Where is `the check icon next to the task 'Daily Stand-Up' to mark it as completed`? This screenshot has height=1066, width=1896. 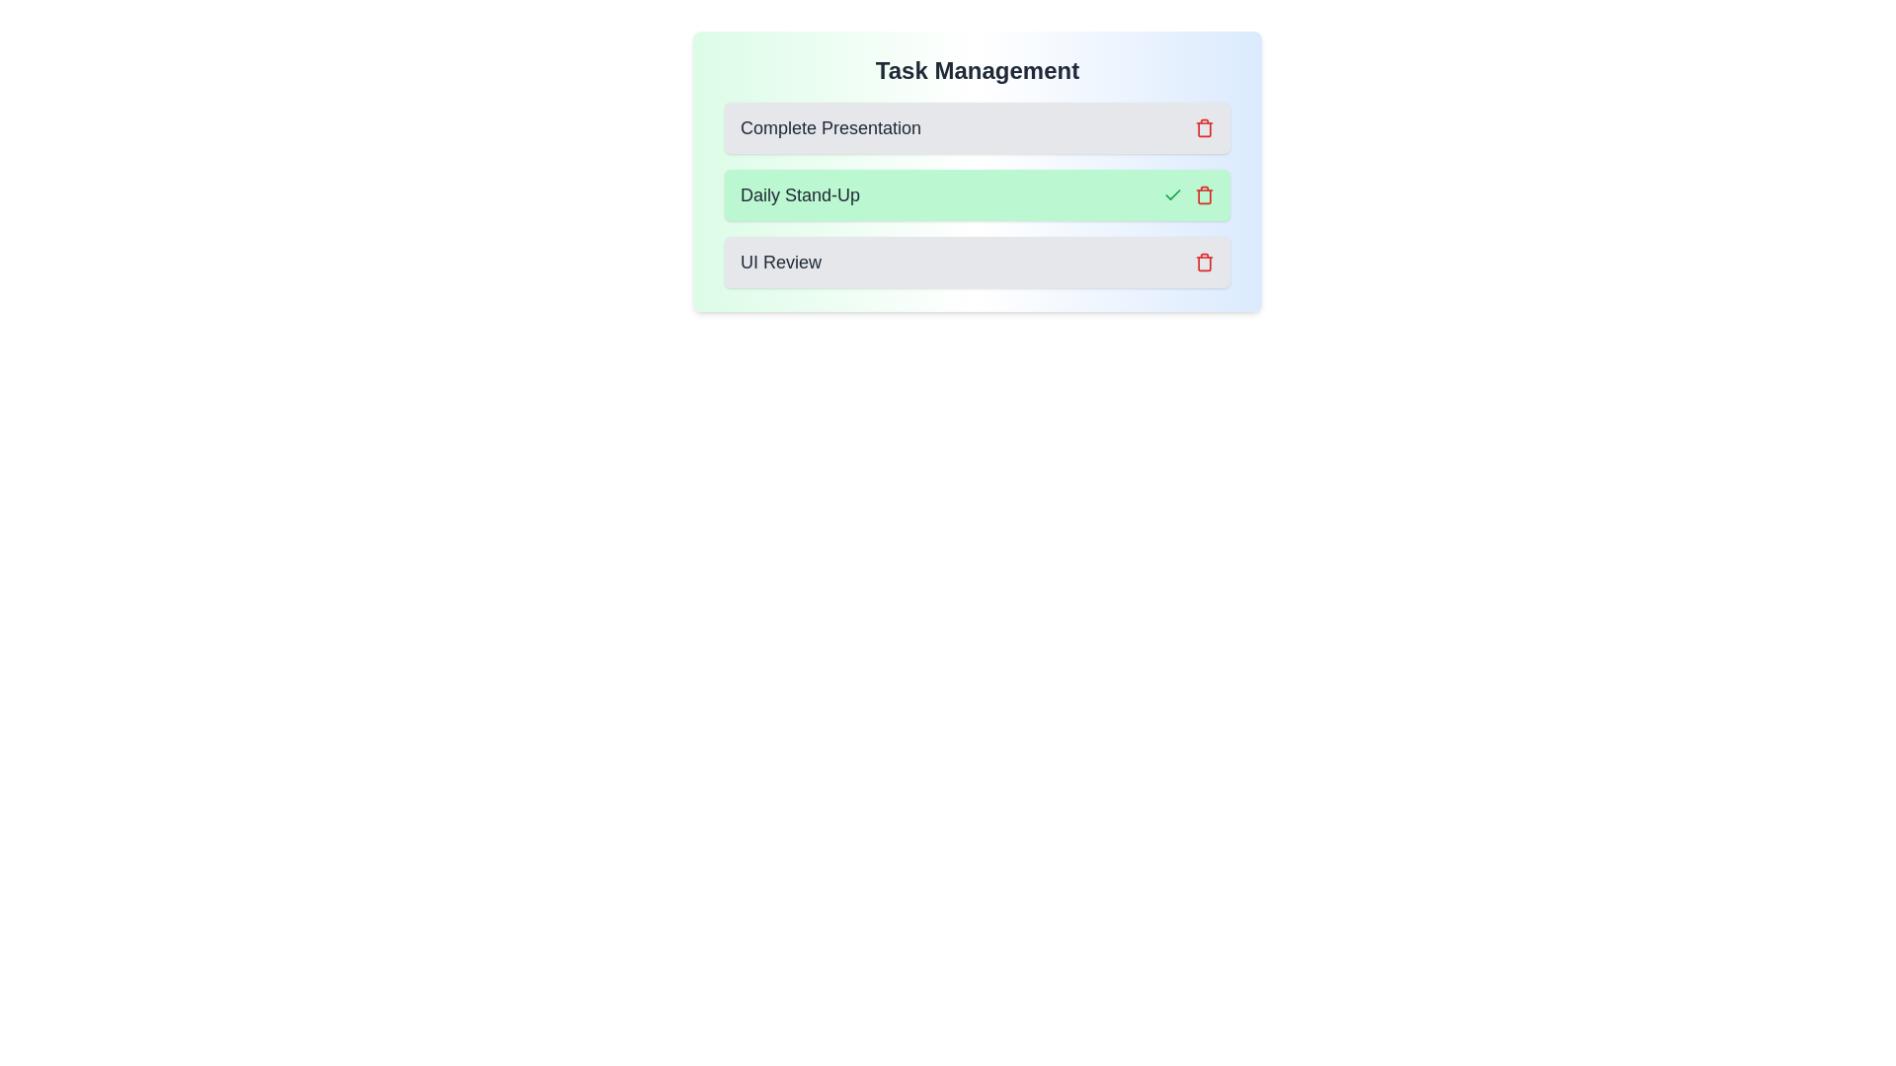 the check icon next to the task 'Daily Stand-Up' to mark it as completed is located at coordinates (1173, 194).